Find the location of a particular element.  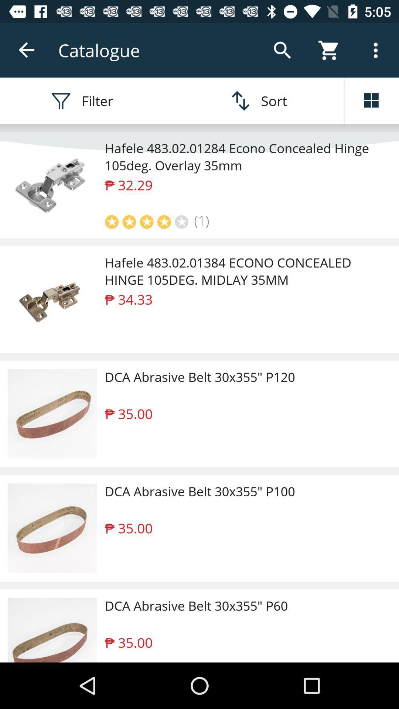

the app next to catalogue icon is located at coordinates (27, 50).